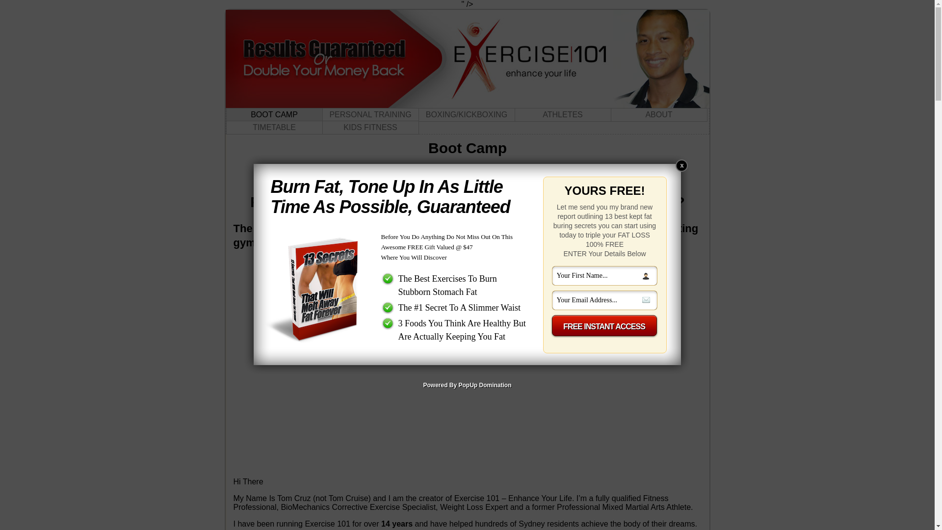 This screenshot has width=942, height=530. What do you see at coordinates (562, 114) in the screenshot?
I see `'ATHLETES'` at bounding box center [562, 114].